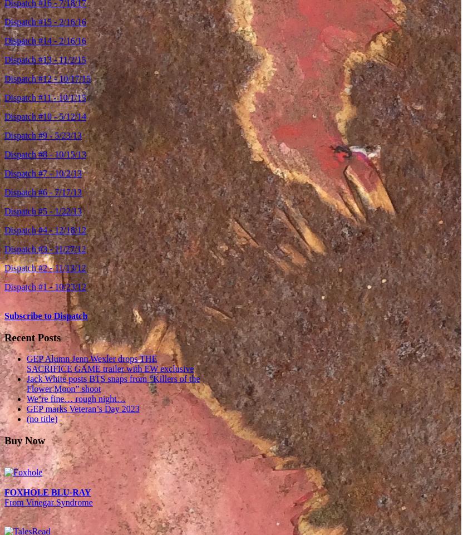 Image resolution: width=463 pixels, height=535 pixels. I want to click on '(no title)', so click(41, 418).